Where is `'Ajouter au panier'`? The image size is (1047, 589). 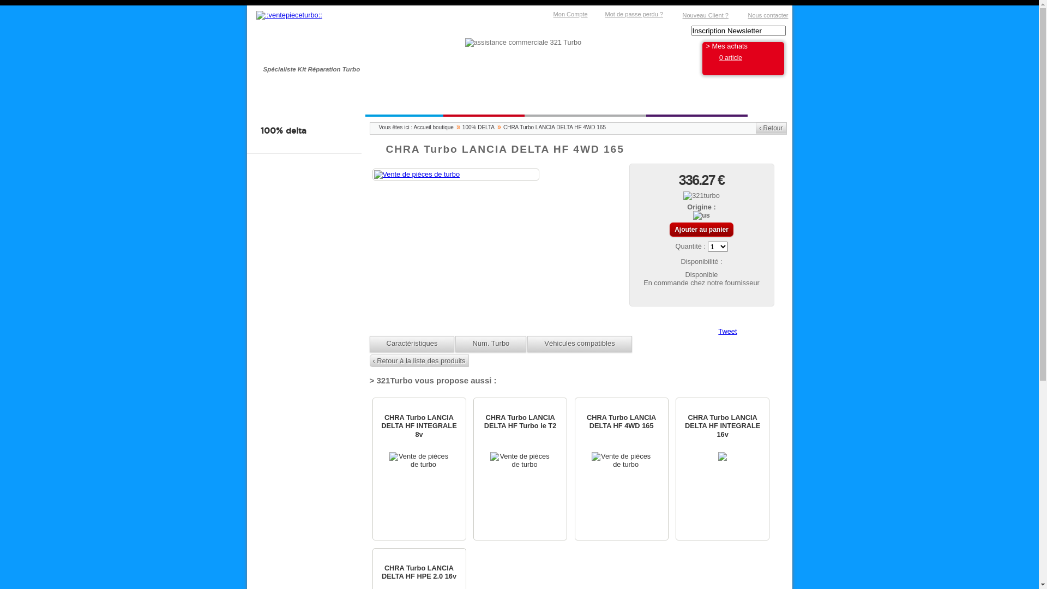
'Ajouter au panier' is located at coordinates (669, 229).